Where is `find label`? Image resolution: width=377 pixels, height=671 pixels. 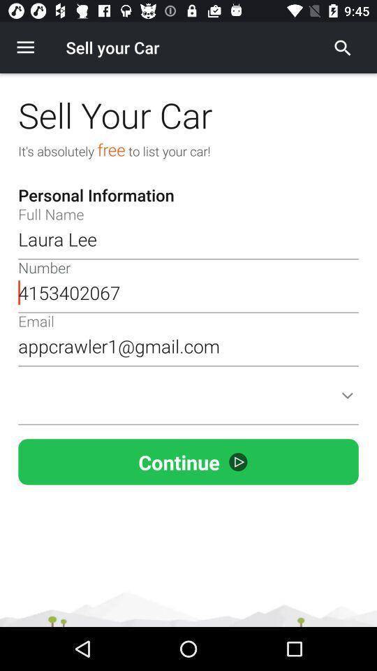 find label is located at coordinates (342, 48).